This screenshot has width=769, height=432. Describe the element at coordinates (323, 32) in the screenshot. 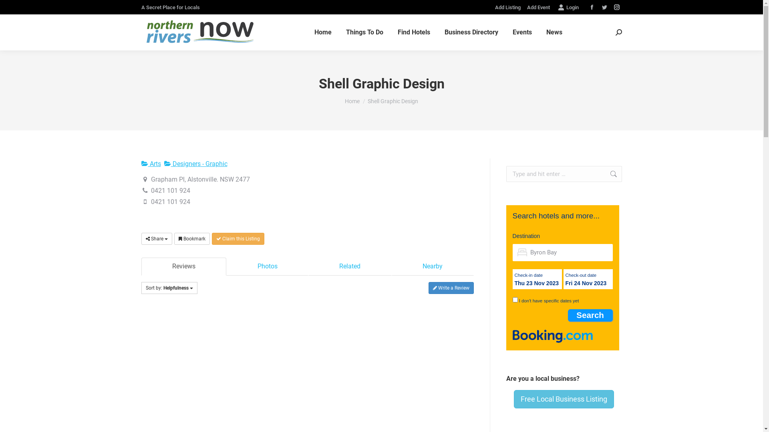

I see `'Home'` at that location.